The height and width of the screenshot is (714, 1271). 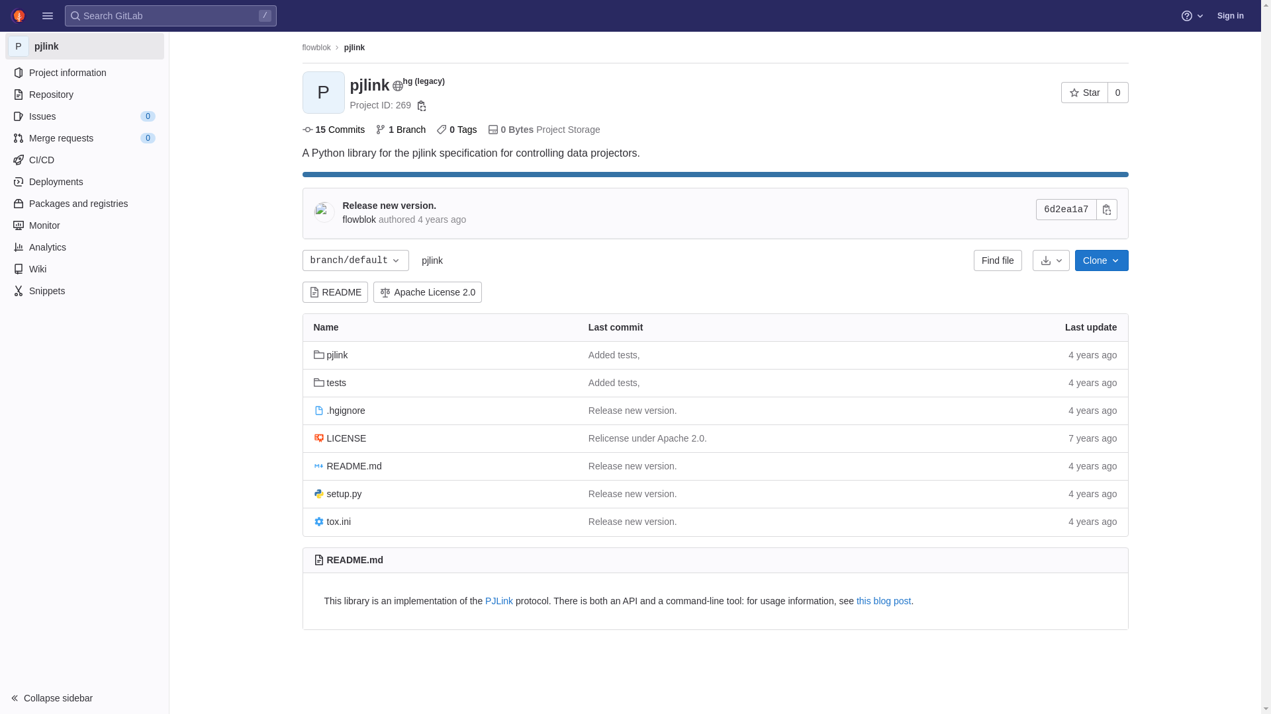 I want to click on 'Release new version.', so click(x=343, y=206).